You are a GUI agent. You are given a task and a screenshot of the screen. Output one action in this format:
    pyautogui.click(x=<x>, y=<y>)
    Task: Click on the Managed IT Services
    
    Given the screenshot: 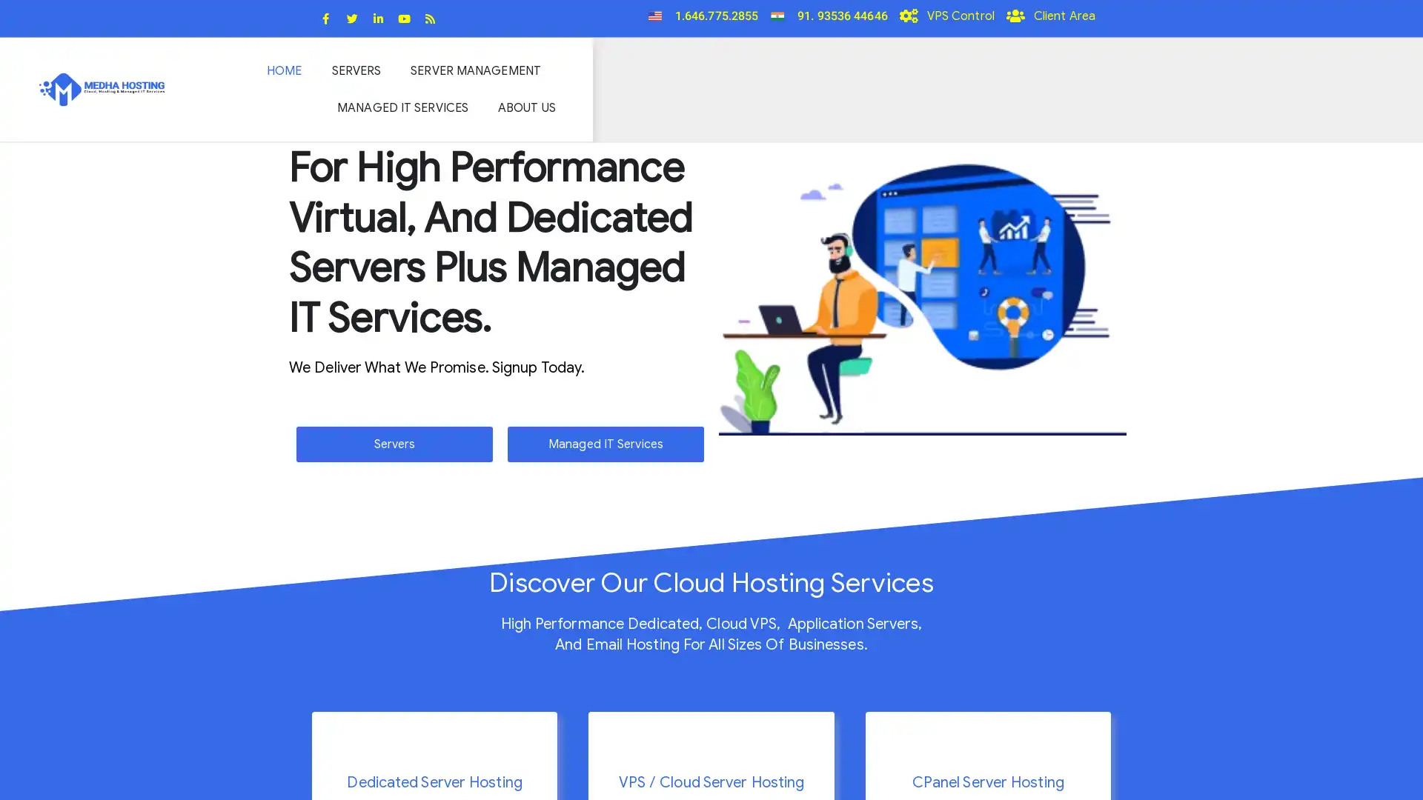 What is the action you would take?
    pyautogui.click(x=606, y=444)
    